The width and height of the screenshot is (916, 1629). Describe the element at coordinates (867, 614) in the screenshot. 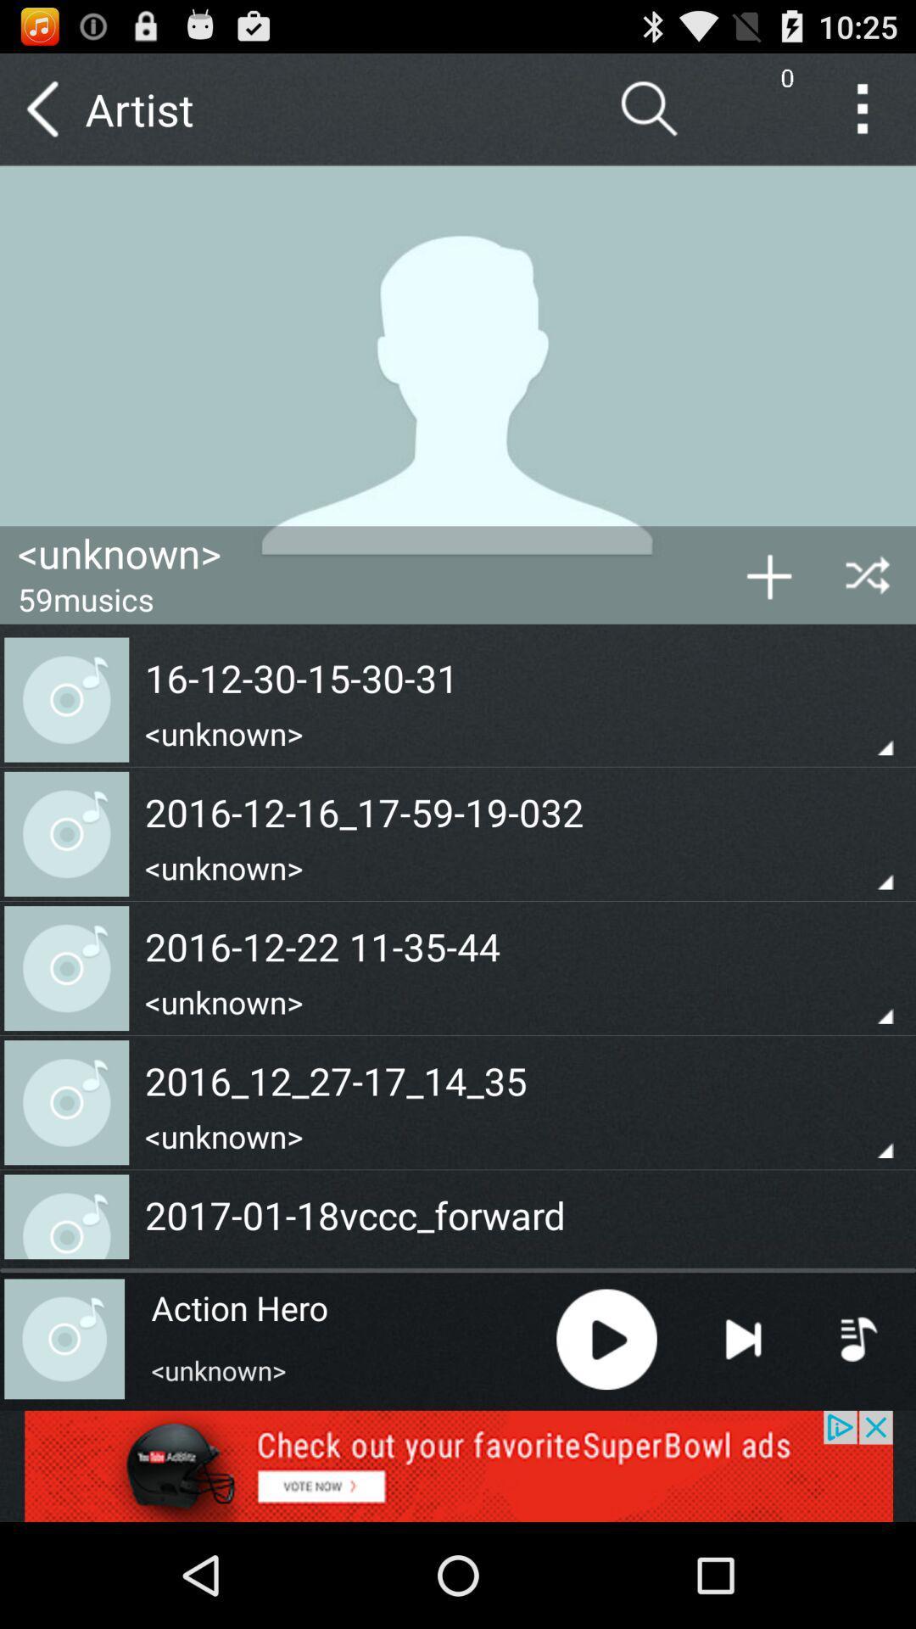

I see `the close icon` at that location.